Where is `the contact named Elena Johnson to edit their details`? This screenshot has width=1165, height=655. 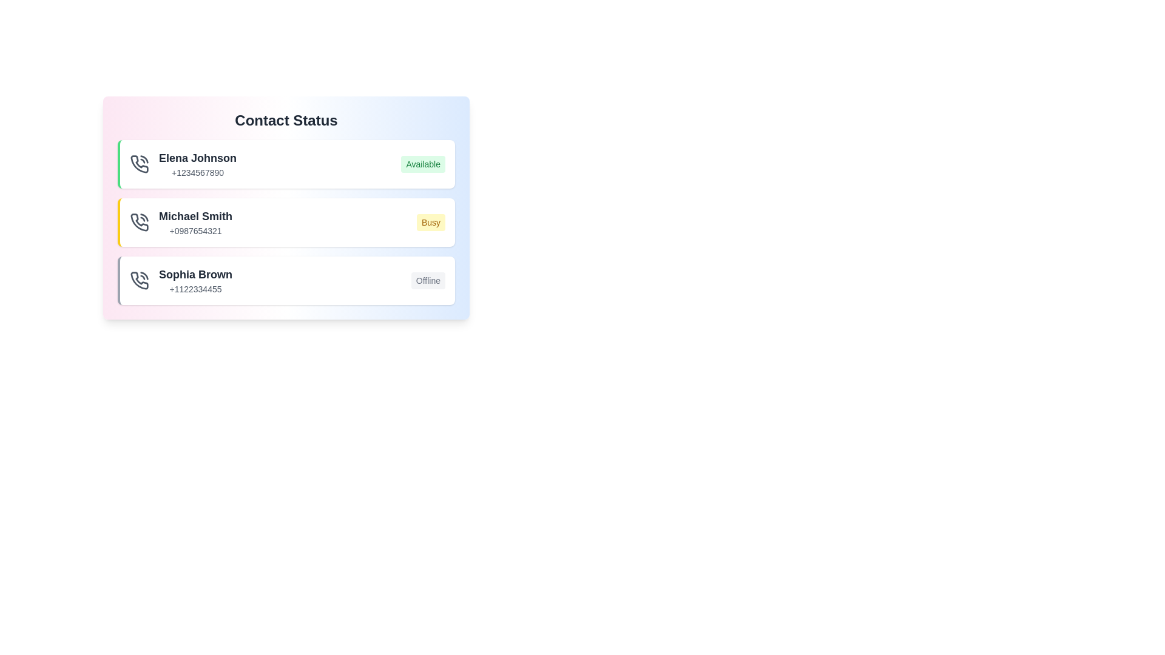
the contact named Elena Johnson to edit their details is located at coordinates (285, 164).